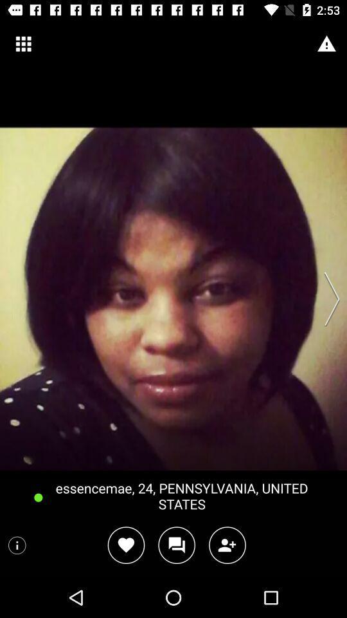 The image size is (347, 618). Describe the element at coordinates (126, 545) in the screenshot. I see `to favorites` at that location.